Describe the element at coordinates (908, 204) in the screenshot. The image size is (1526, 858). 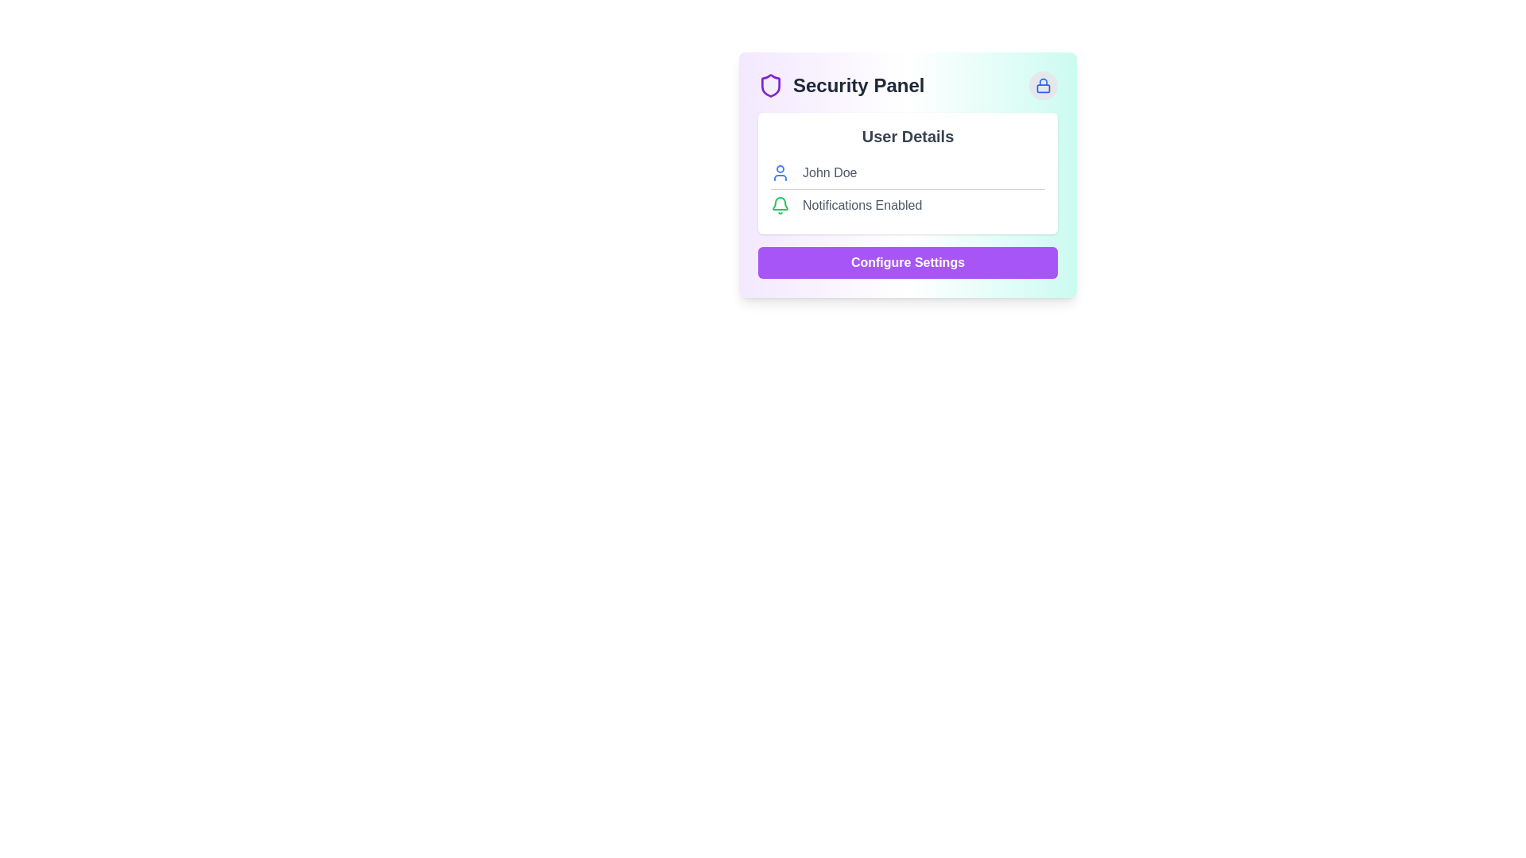
I see `the Information Label with Icon that displays a green bell icon and the text 'Notifications Enabled', located in the second row under the 'User Details' section in the 'Security Panel' card` at that location.